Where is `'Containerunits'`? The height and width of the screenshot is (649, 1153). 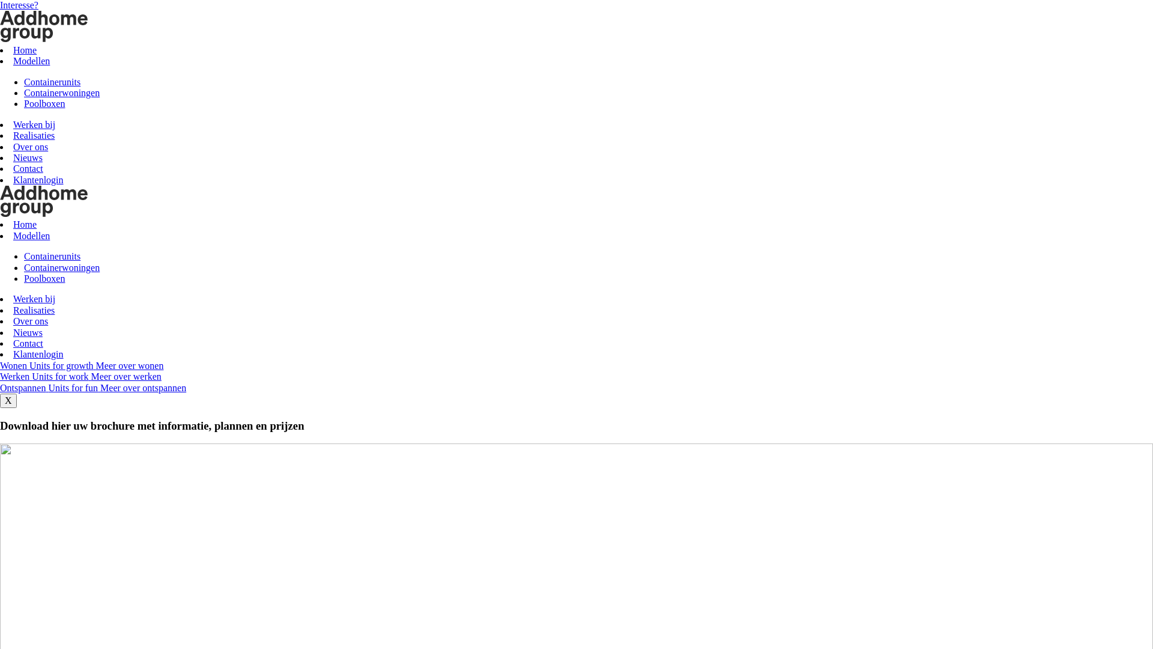 'Containerunits' is located at coordinates (51, 255).